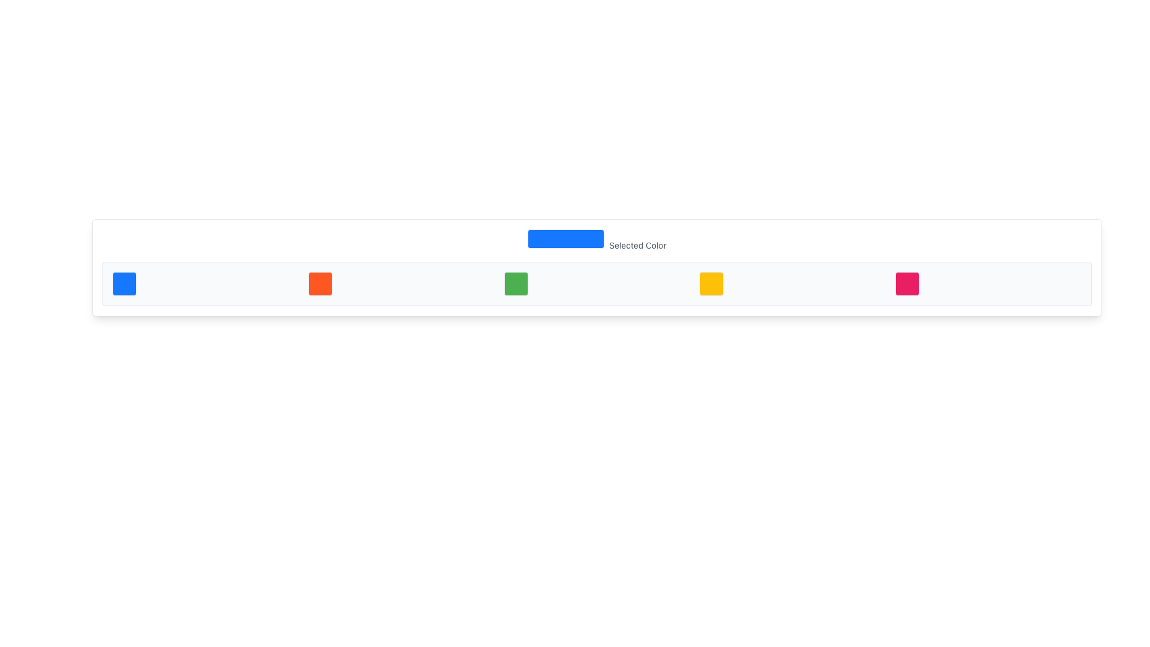 The height and width of the screenshot is (647, 1150). I want to click on the third colored box in a row of five squares within the grid layout, serving as a selectable item, so click(516, 284).